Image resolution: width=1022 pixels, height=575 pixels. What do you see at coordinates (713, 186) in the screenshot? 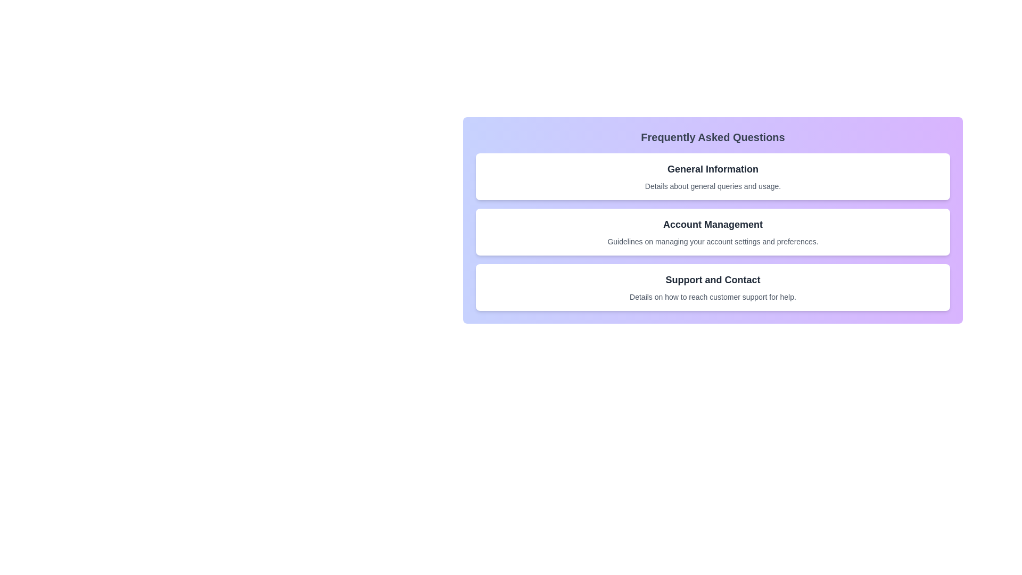
I see `the static text displaying 'Details about general queries and usage.' which is positioned below the 'General Information' title` at bounding box center [713, 186].